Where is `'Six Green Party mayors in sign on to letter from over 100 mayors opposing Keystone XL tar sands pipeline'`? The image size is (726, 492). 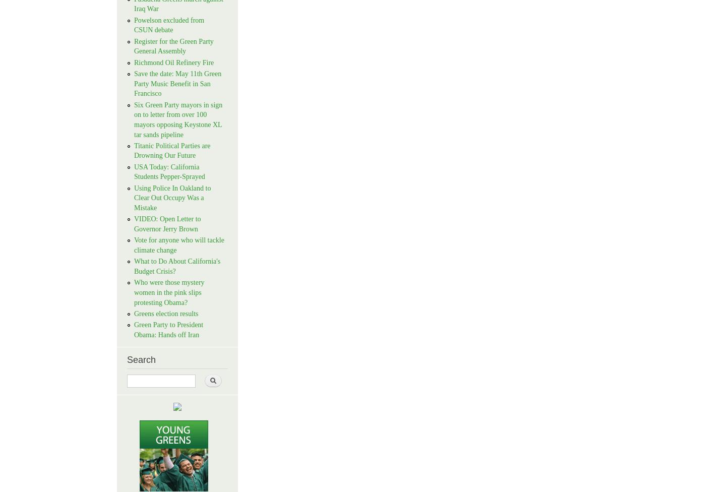
'Six Green Party mayors in sign on to letter from over 100 mayors opposing Keystone XL tar sands pipeline' is located at coordinates (178, 118).